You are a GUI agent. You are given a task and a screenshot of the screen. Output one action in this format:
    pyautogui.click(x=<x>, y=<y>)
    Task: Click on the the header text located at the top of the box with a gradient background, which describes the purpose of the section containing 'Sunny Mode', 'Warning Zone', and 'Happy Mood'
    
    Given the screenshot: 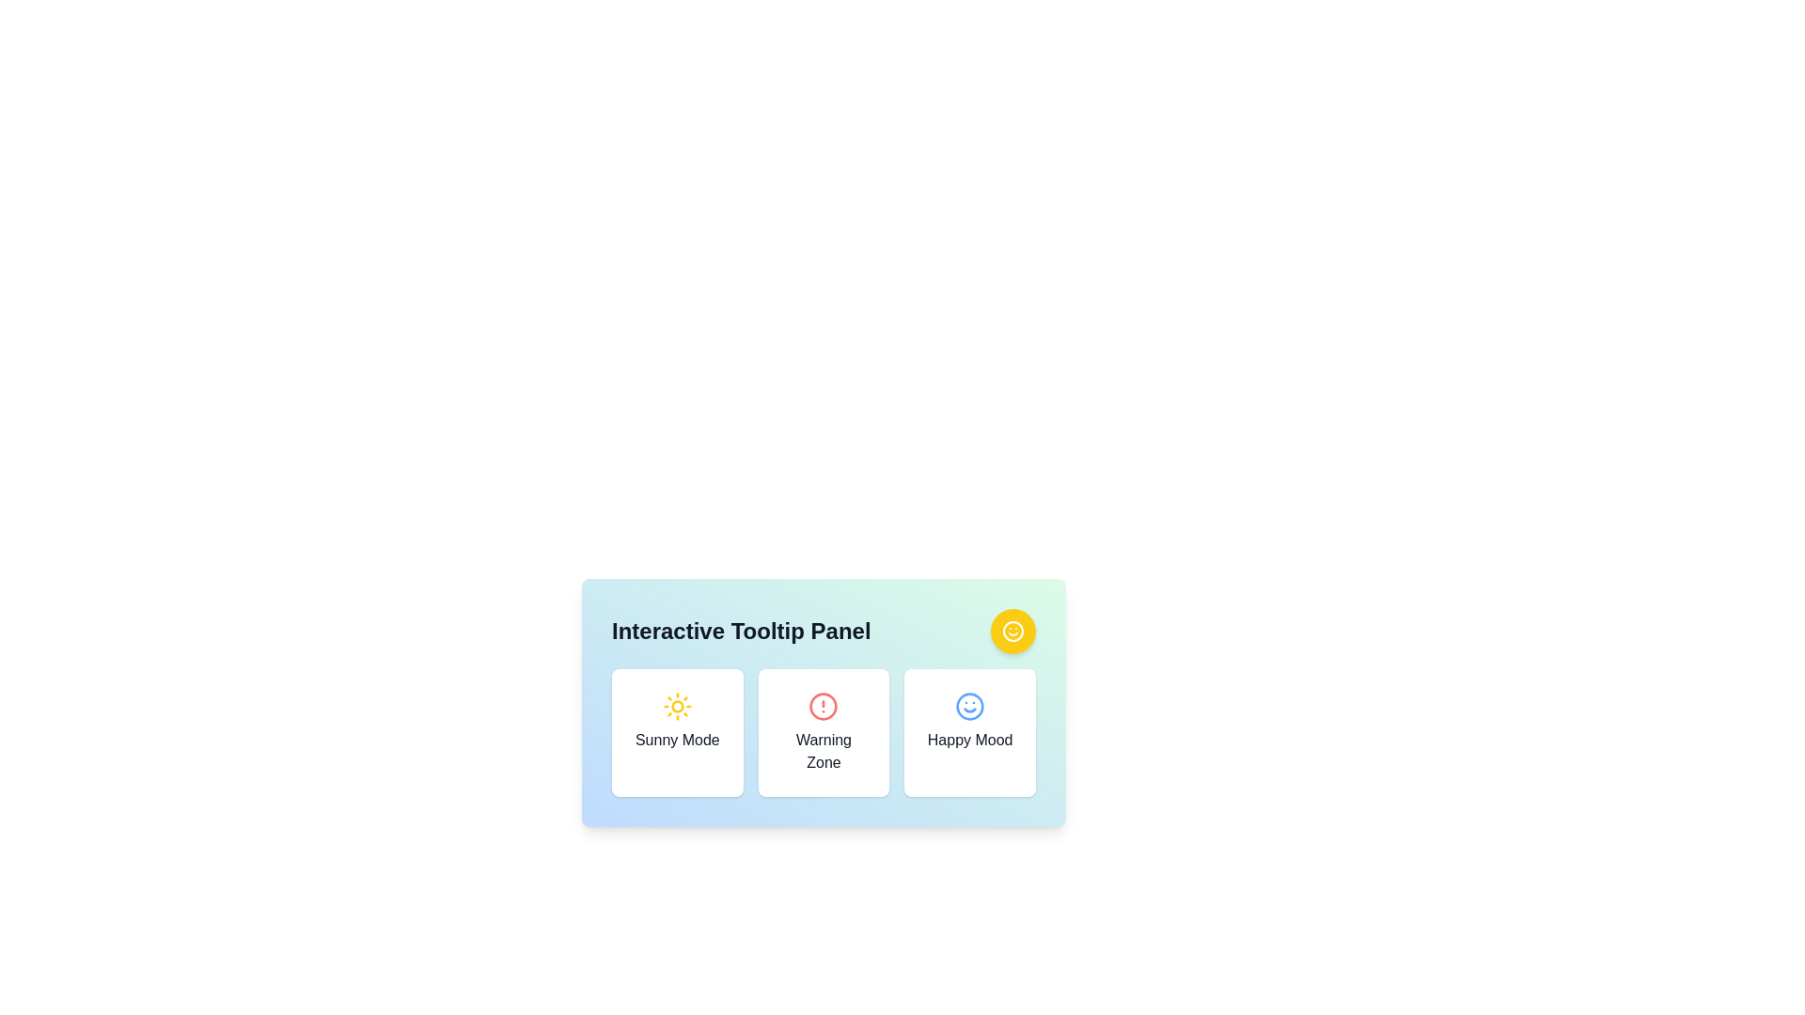 What is the action you would take?
    pyautogui.click(x=824, y=631)
    